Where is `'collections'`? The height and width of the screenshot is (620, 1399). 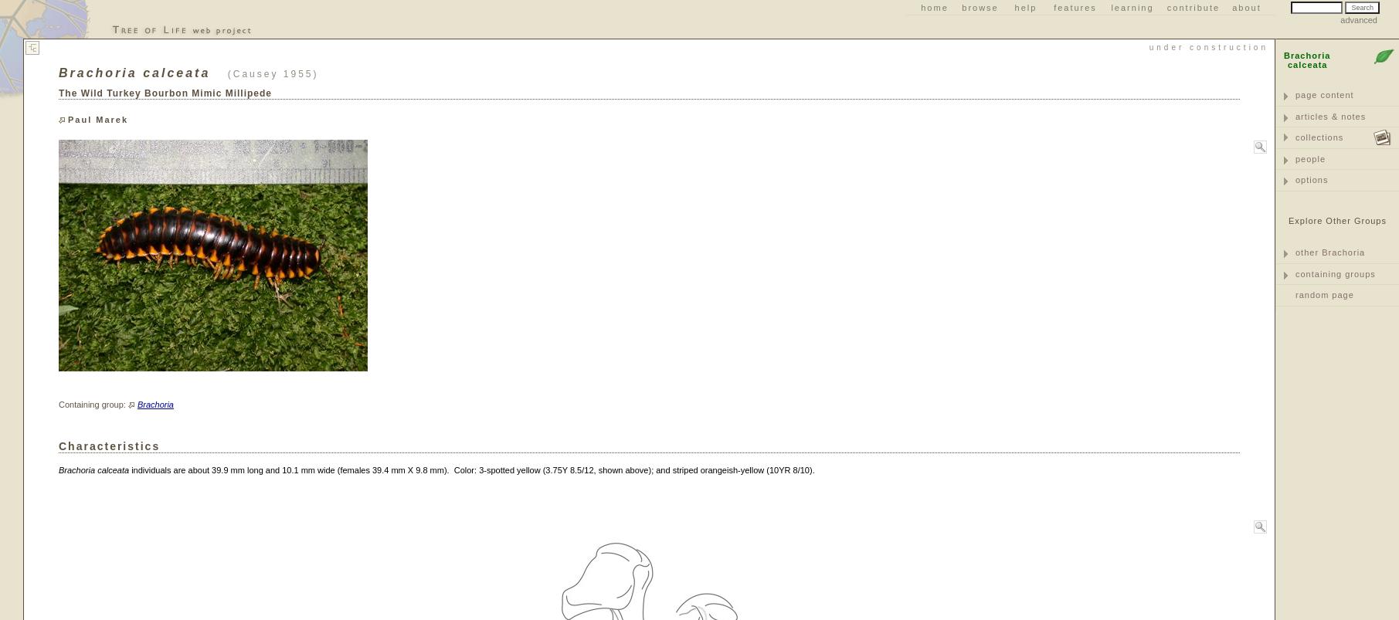 'collections' is located at coordinates (1319, 137).